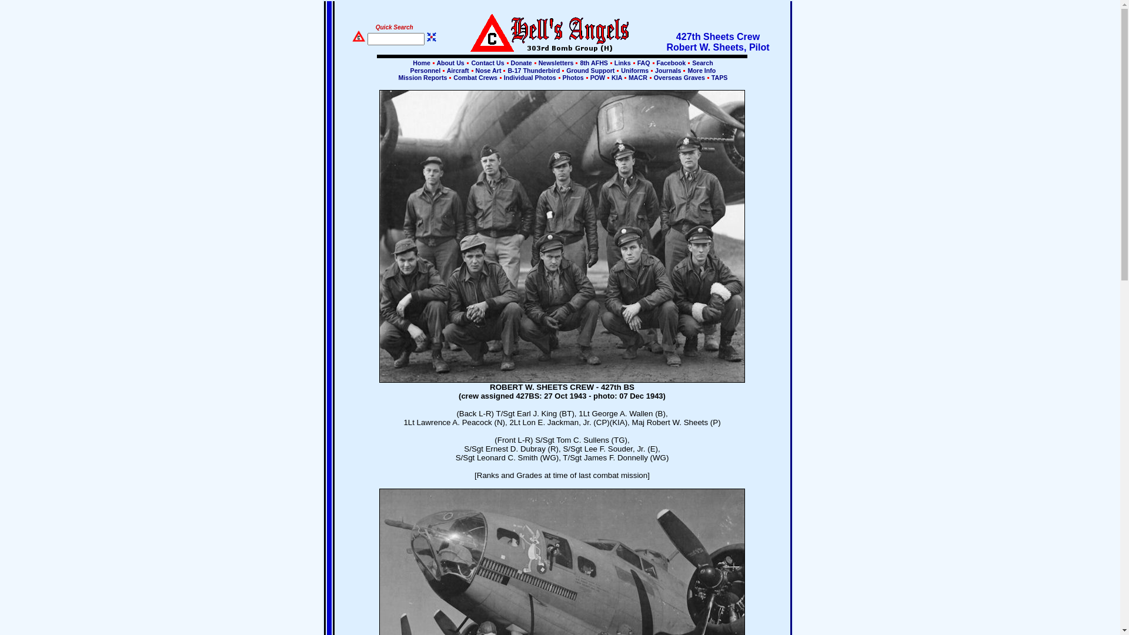 This screenshot has width=1129, height=635. What do you see at coordinates (590, 70) in the screenshot?
I see `'Ground Support'` at bounding box center [590, 70].